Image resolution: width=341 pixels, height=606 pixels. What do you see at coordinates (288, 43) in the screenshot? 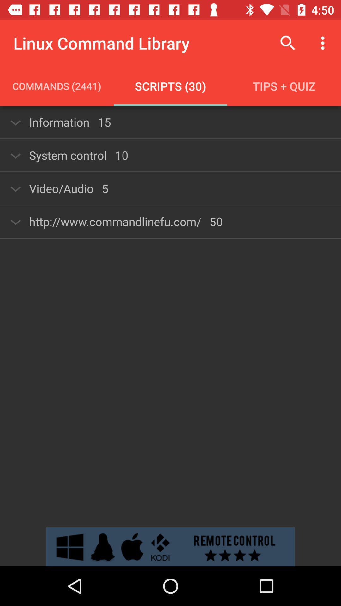
I see `icon above the tips + quiz icon` at bounding box center [288, 43].